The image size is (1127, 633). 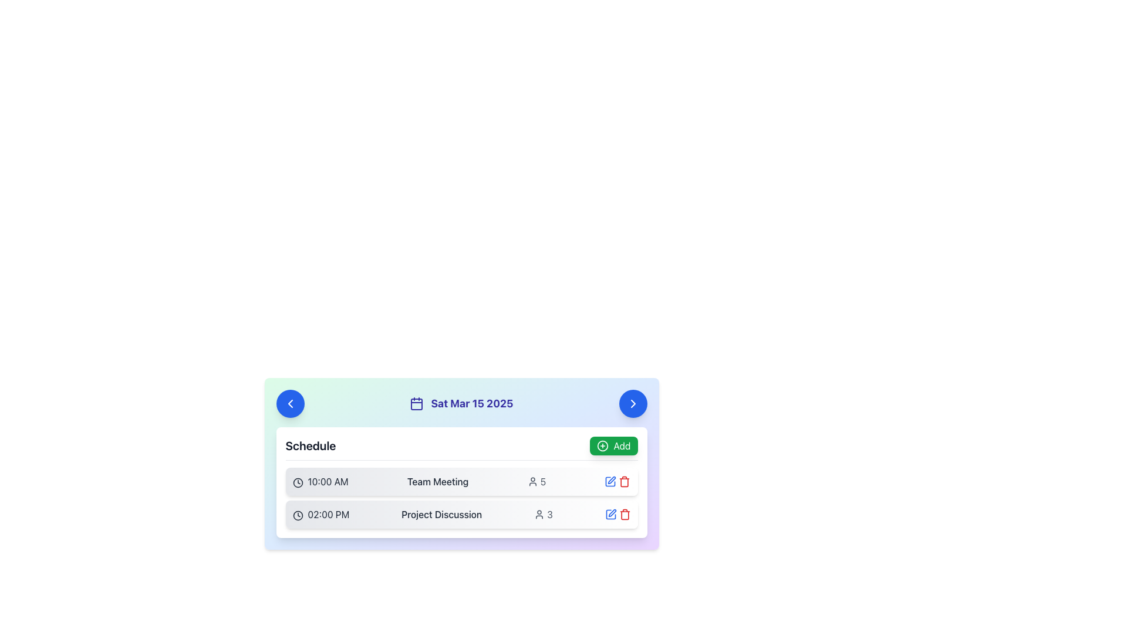 What do you see at coordinates (441, 514) in the screenshot?
I see `text label that says 'Project Discussion' styled in gray font, which is located in the second row of scheduled events, next to the time indicator '02:00 PM'` at bounding box center [441, 514].